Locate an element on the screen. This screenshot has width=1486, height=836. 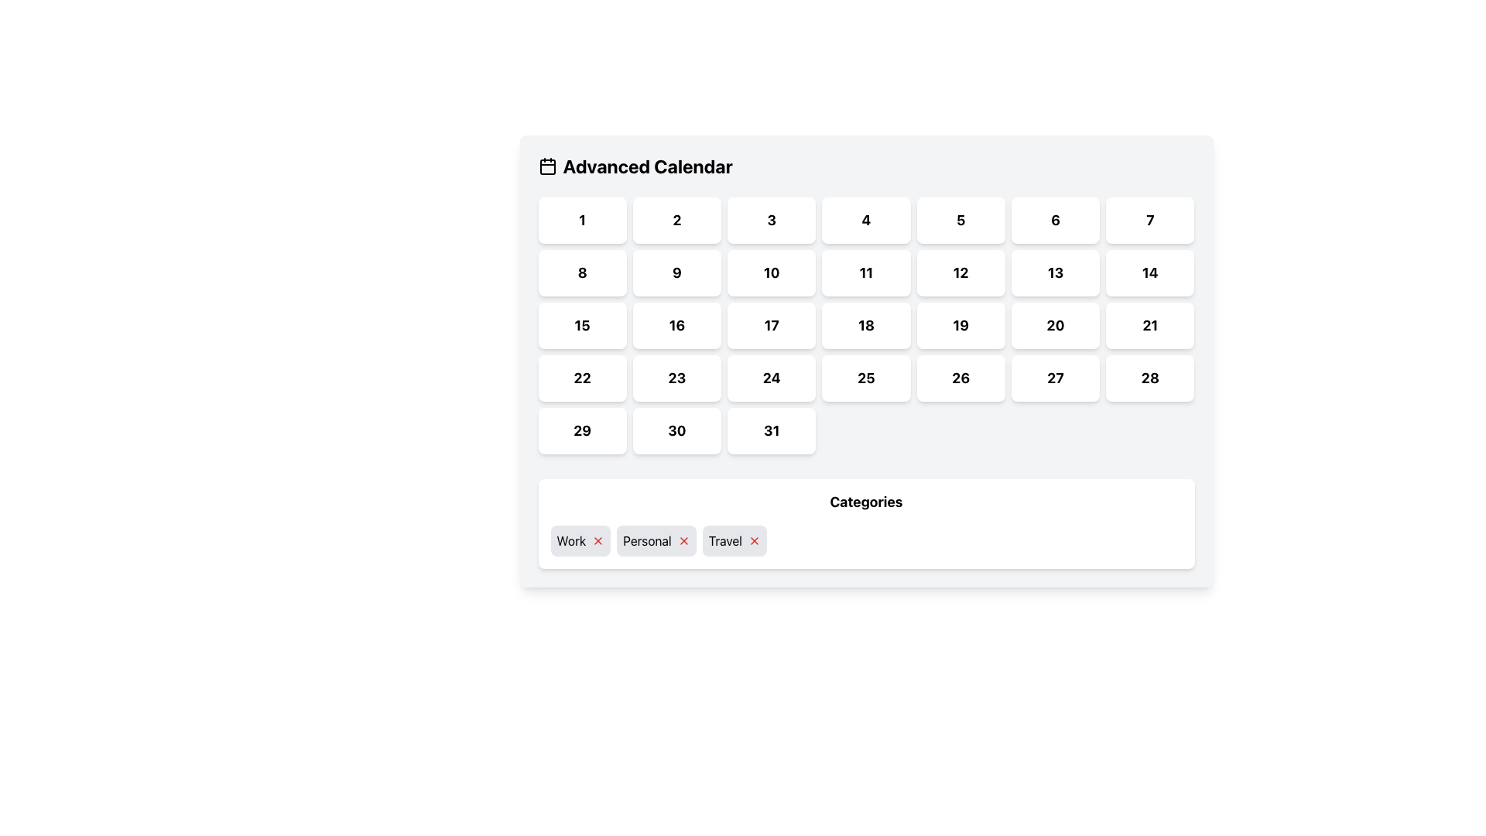
the button representing the selectable day in the calendar interface is located at coordinates (1150, 379).